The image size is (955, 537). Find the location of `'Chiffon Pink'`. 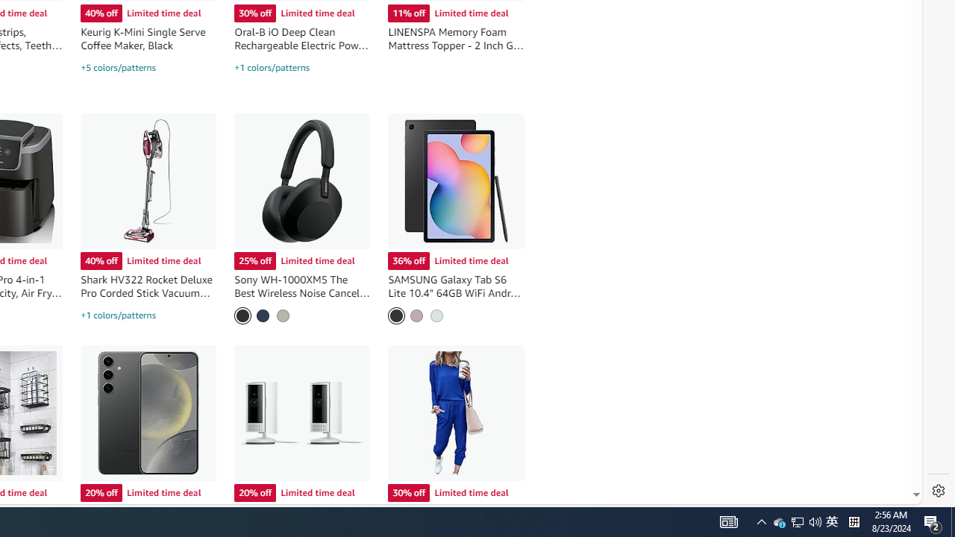

'Chiffon Pink' is located at coordinates (416, 315).